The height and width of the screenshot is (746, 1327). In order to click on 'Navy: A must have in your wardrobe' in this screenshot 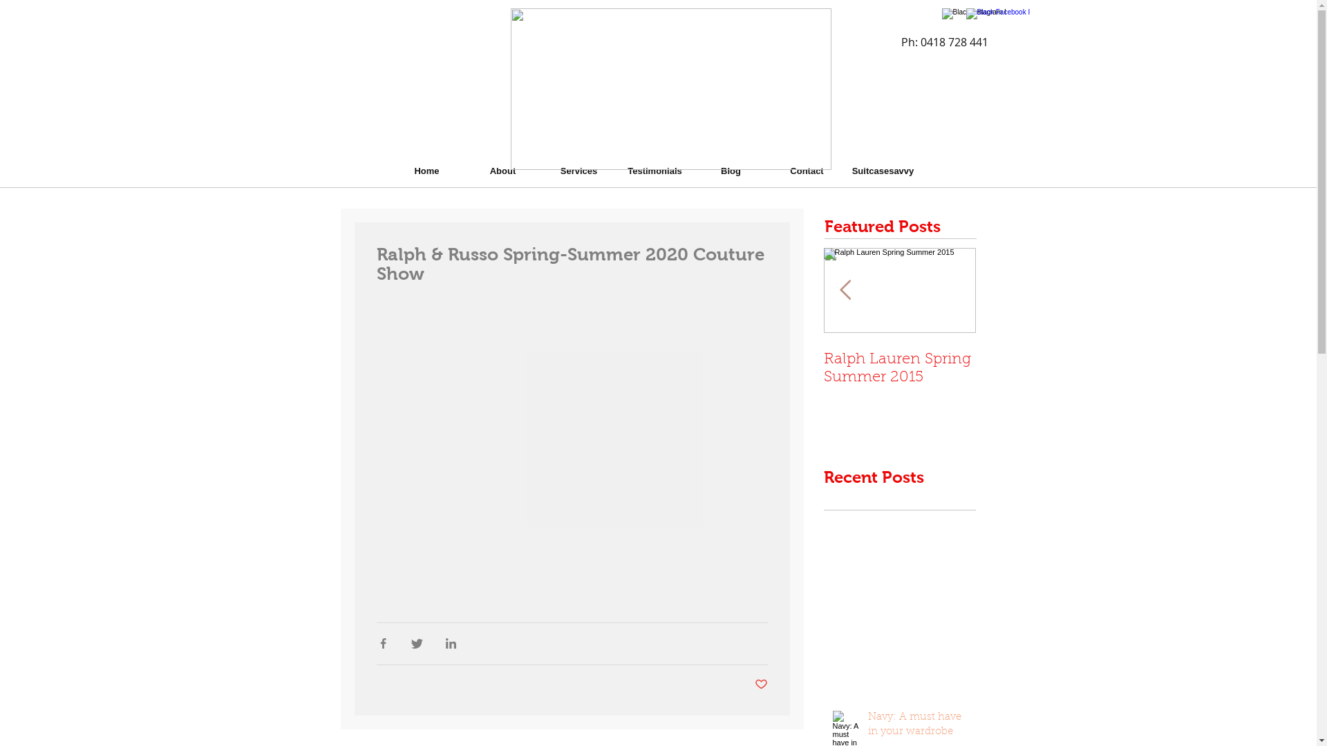, I will do `click(918, 727)`.